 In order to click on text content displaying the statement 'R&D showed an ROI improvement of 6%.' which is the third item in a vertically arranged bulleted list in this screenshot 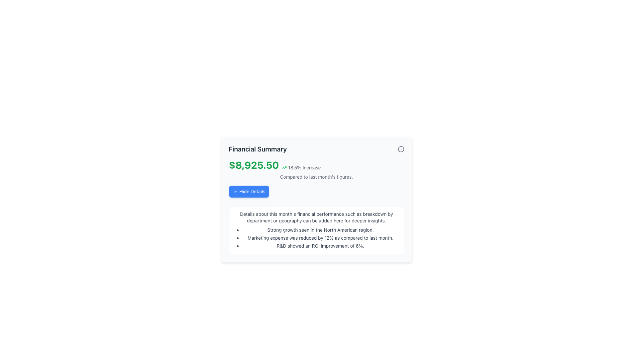, I will do `click(320, 246)`.